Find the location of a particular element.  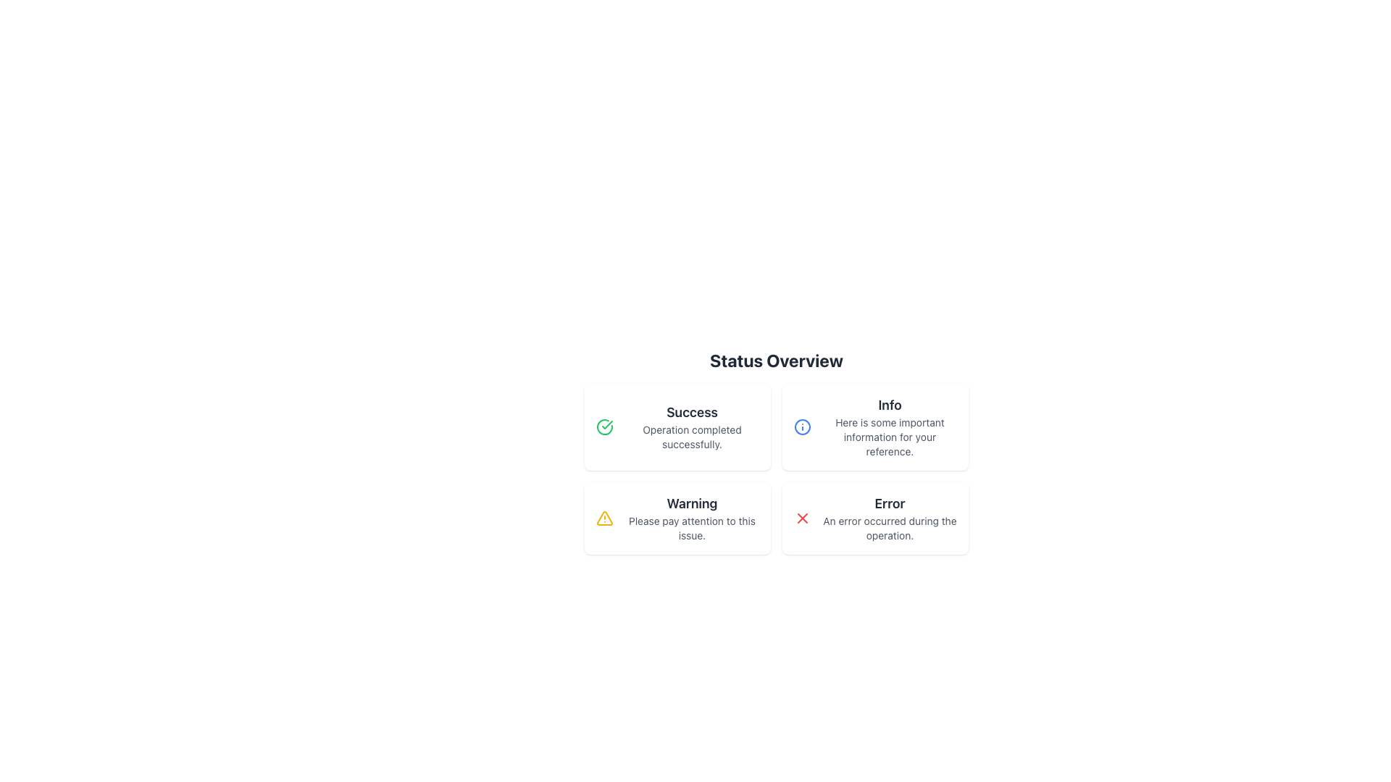

the circular graphical element that represents the 'Info' icon is located at coordinates (802, 426).